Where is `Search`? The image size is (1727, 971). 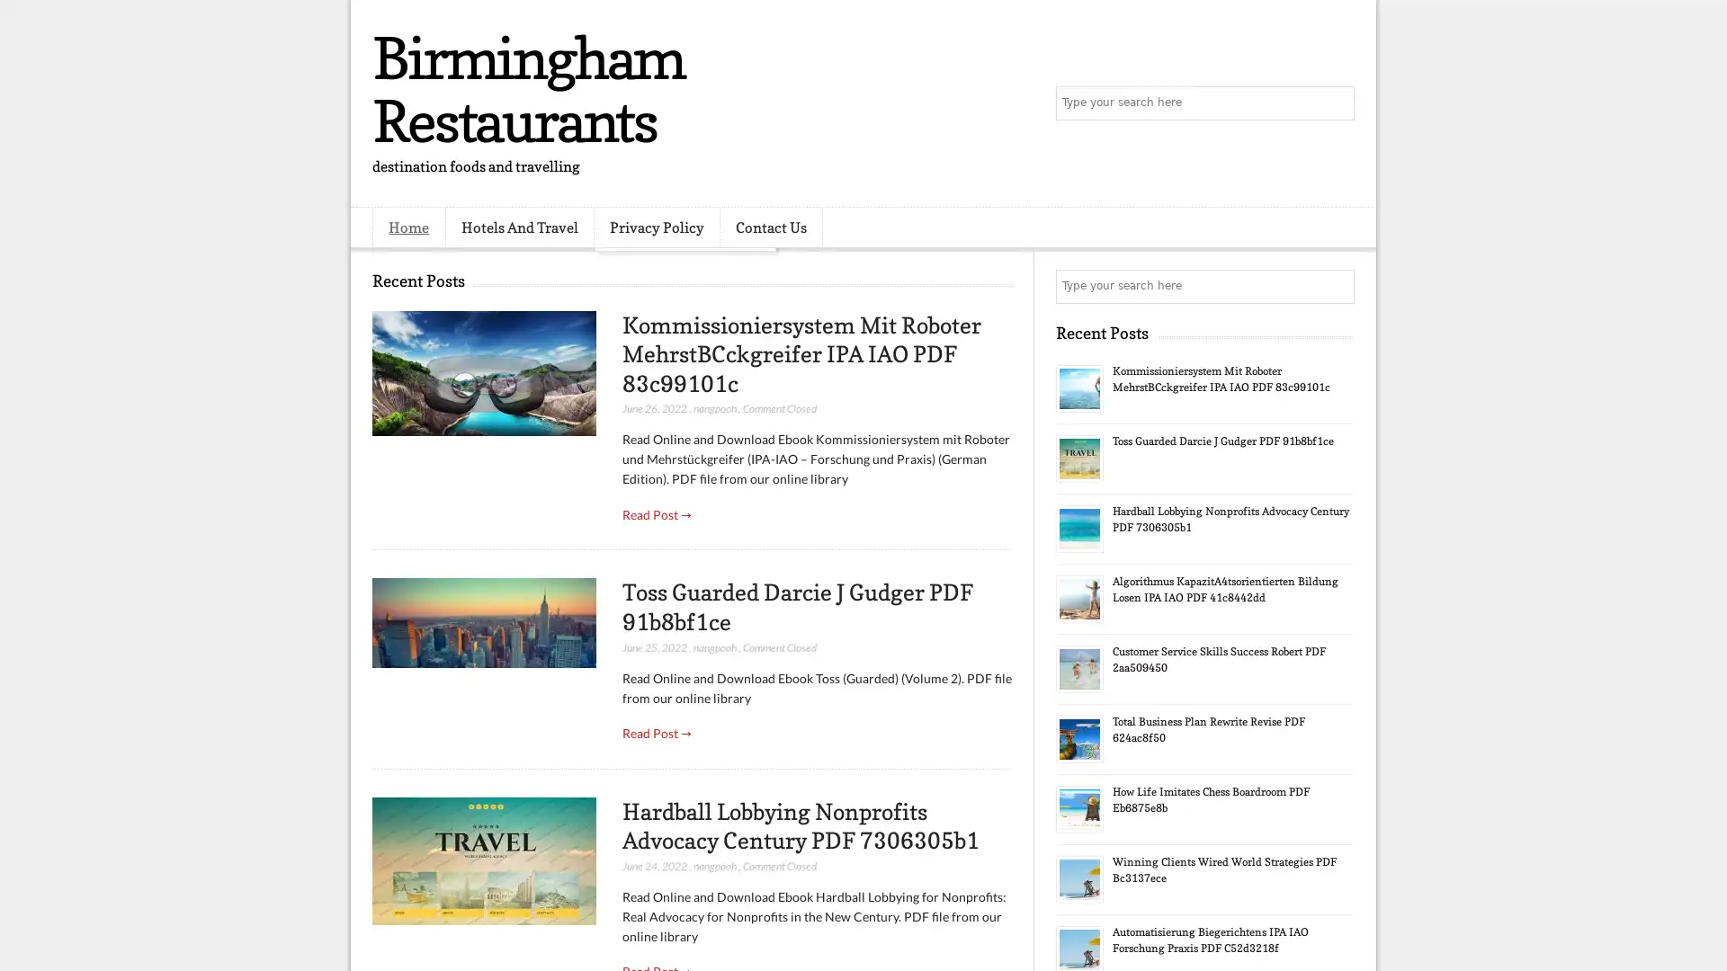
Search is located at coordinates (1336, 286).